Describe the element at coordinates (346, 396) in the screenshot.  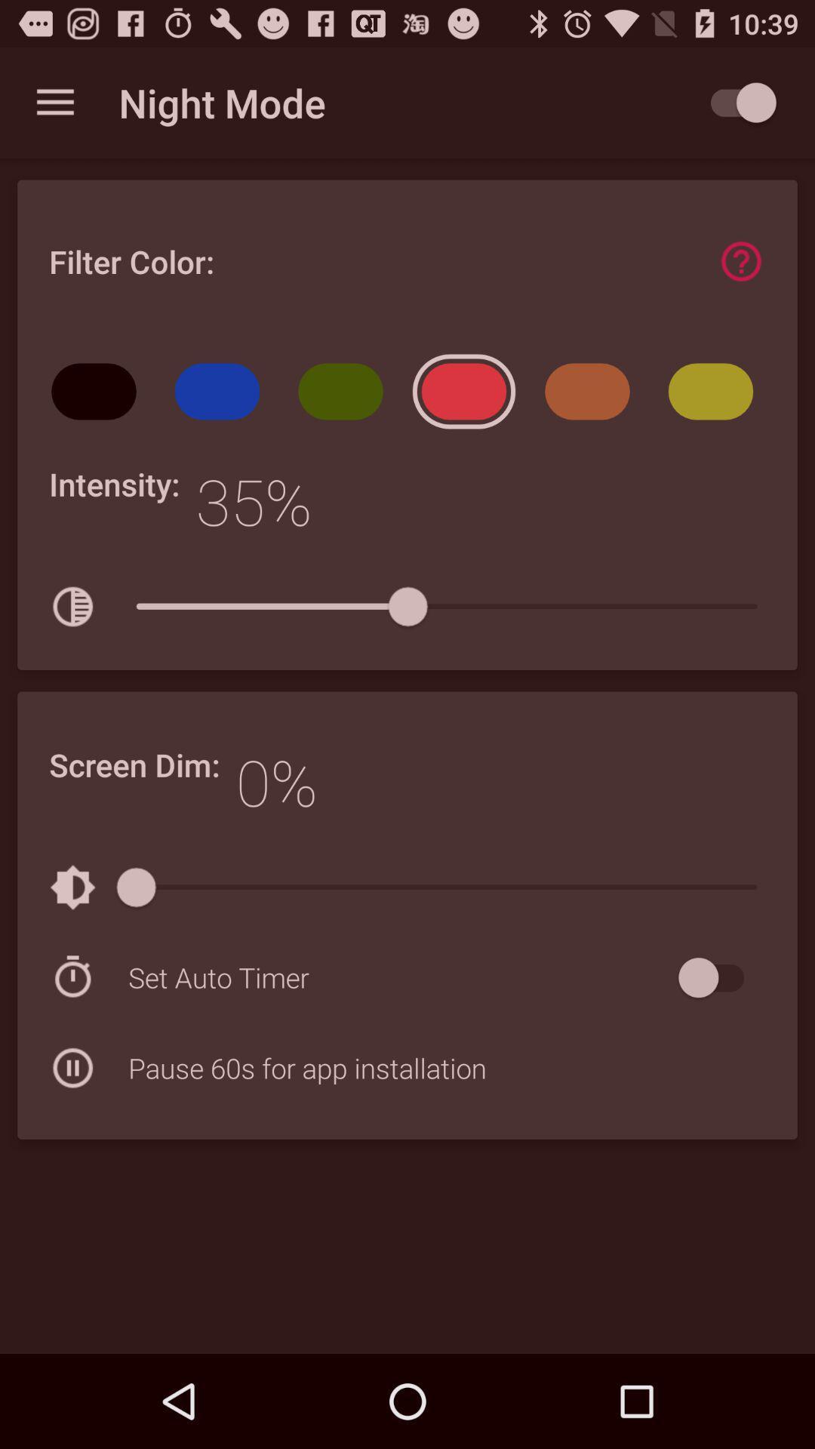
I see `the item above 35% icon` at that location.